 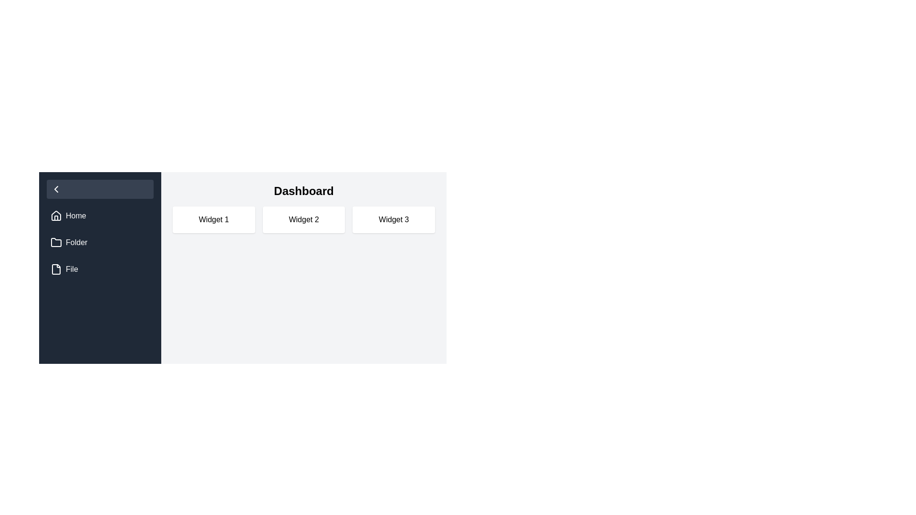 What do you see at coordinates (56, 189) in the screenshot?
I see `the left-pointing chevron SVG icon located in the sidebar` at bounding box center [56, 189].